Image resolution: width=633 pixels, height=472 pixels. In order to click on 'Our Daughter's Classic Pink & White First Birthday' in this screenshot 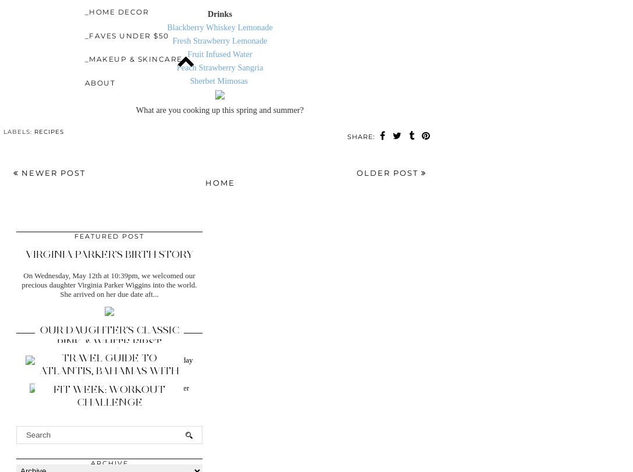, I will do `click(109, 342)`.